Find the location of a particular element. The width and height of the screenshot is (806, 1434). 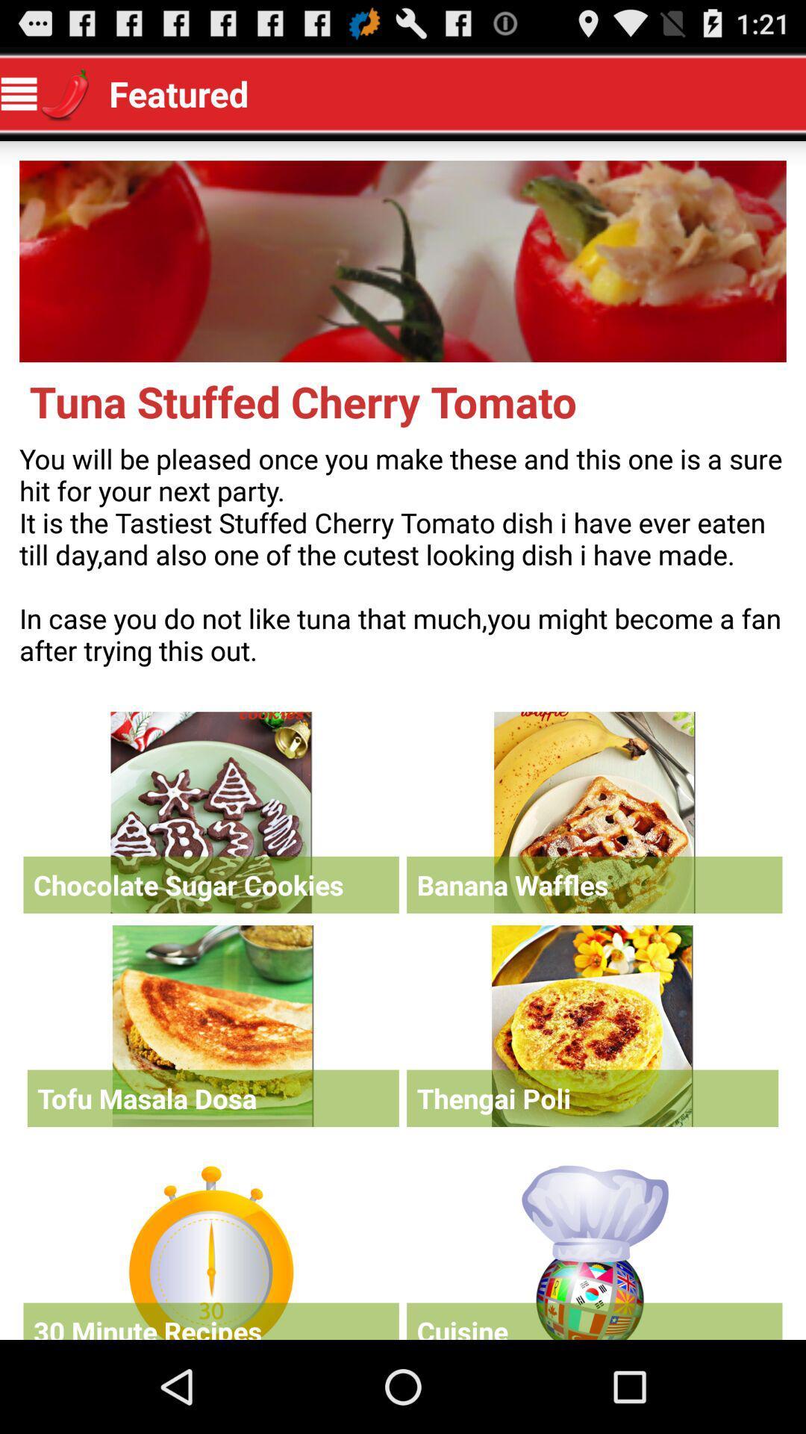

expands the image is located at coordinates (403, 261).